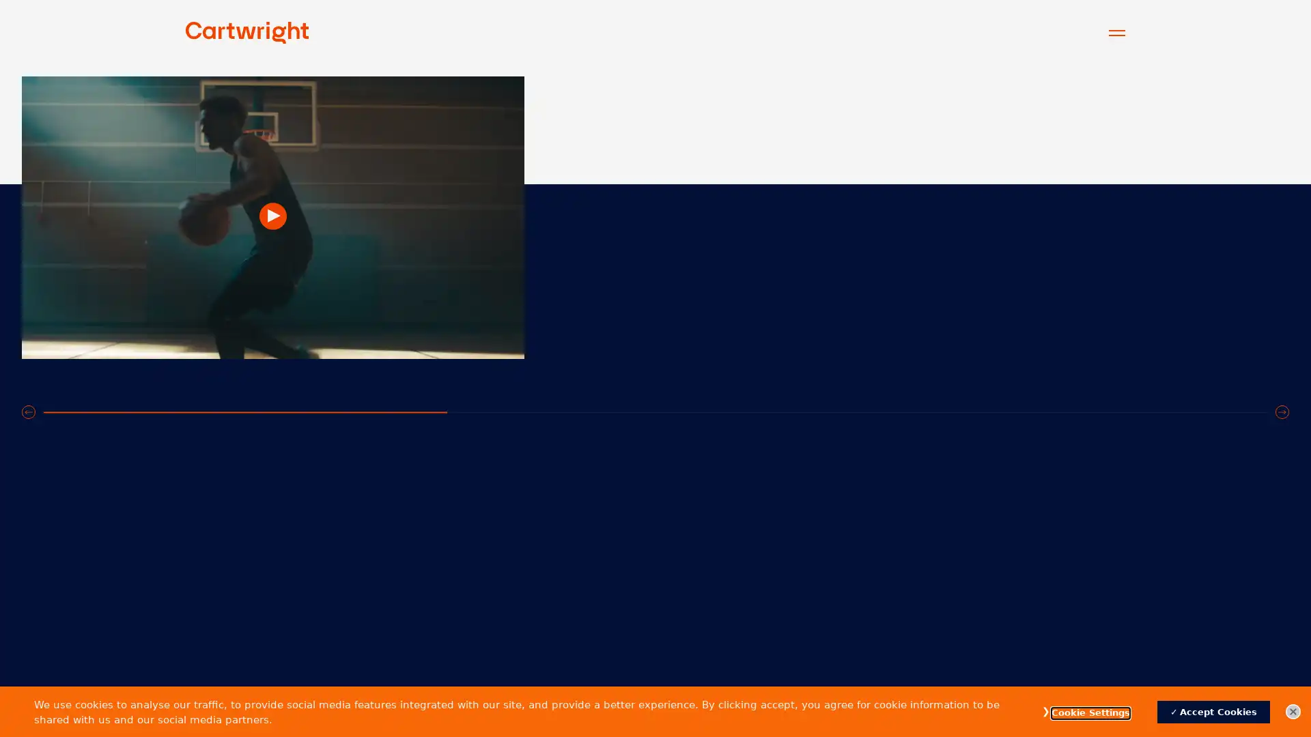 Image resolution: width=1311 pixels, height=737 pixels. Describe the element at coordinates (1293, 710) in the screenshot. I see `Close` at that location.